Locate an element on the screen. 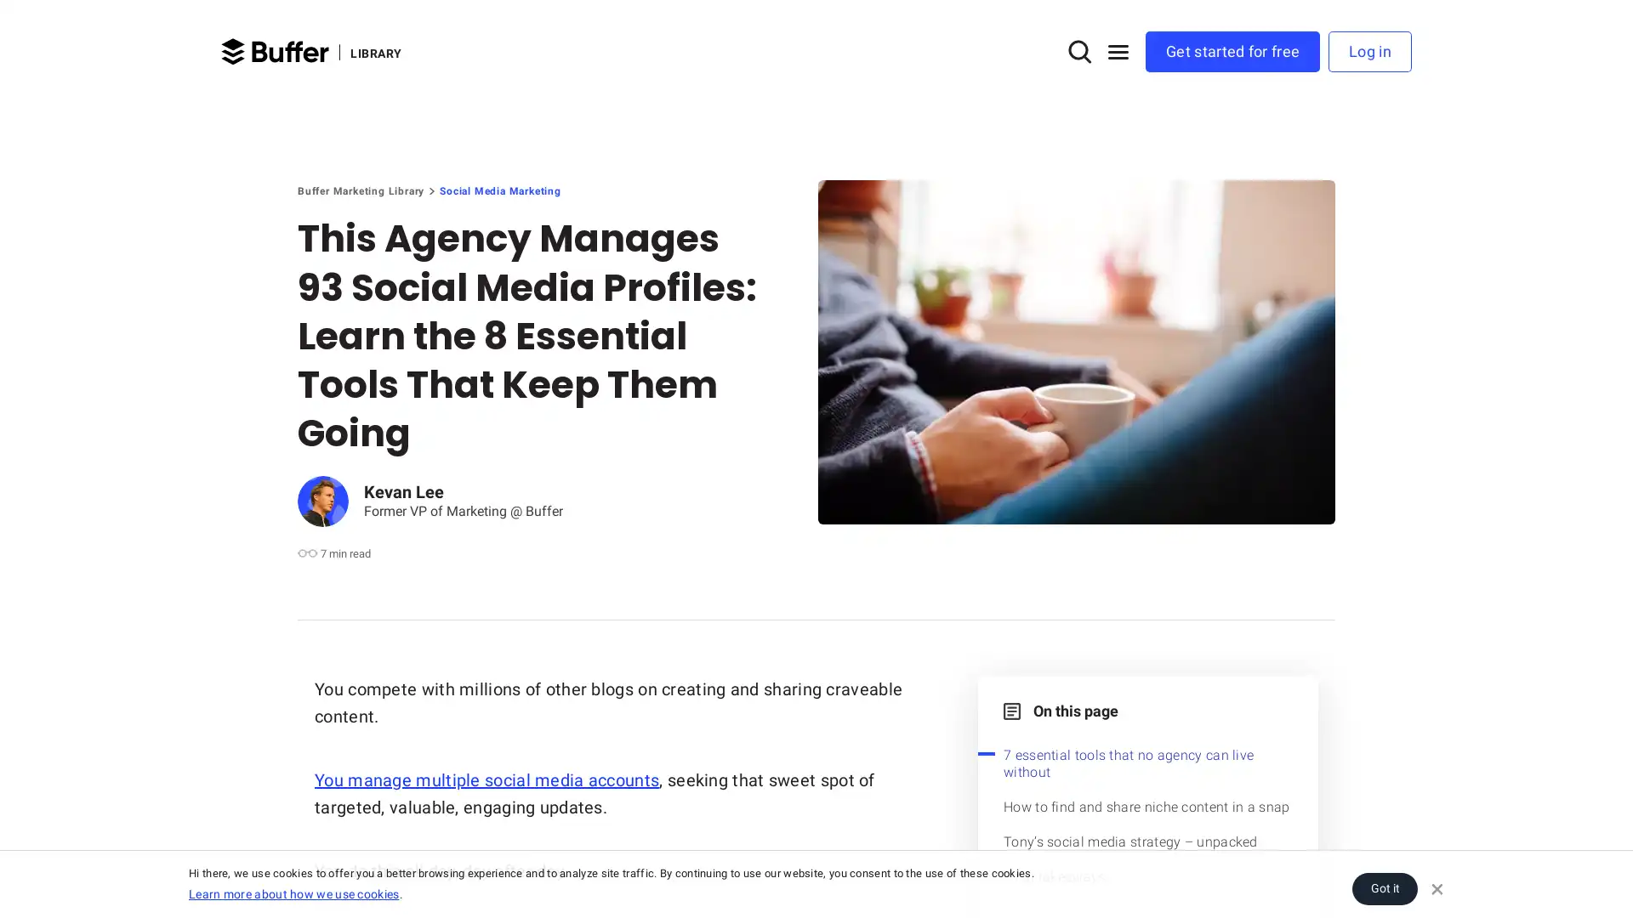 This screenshot has height=918, width=1633. Got it is located at coordinates (1385, 887).